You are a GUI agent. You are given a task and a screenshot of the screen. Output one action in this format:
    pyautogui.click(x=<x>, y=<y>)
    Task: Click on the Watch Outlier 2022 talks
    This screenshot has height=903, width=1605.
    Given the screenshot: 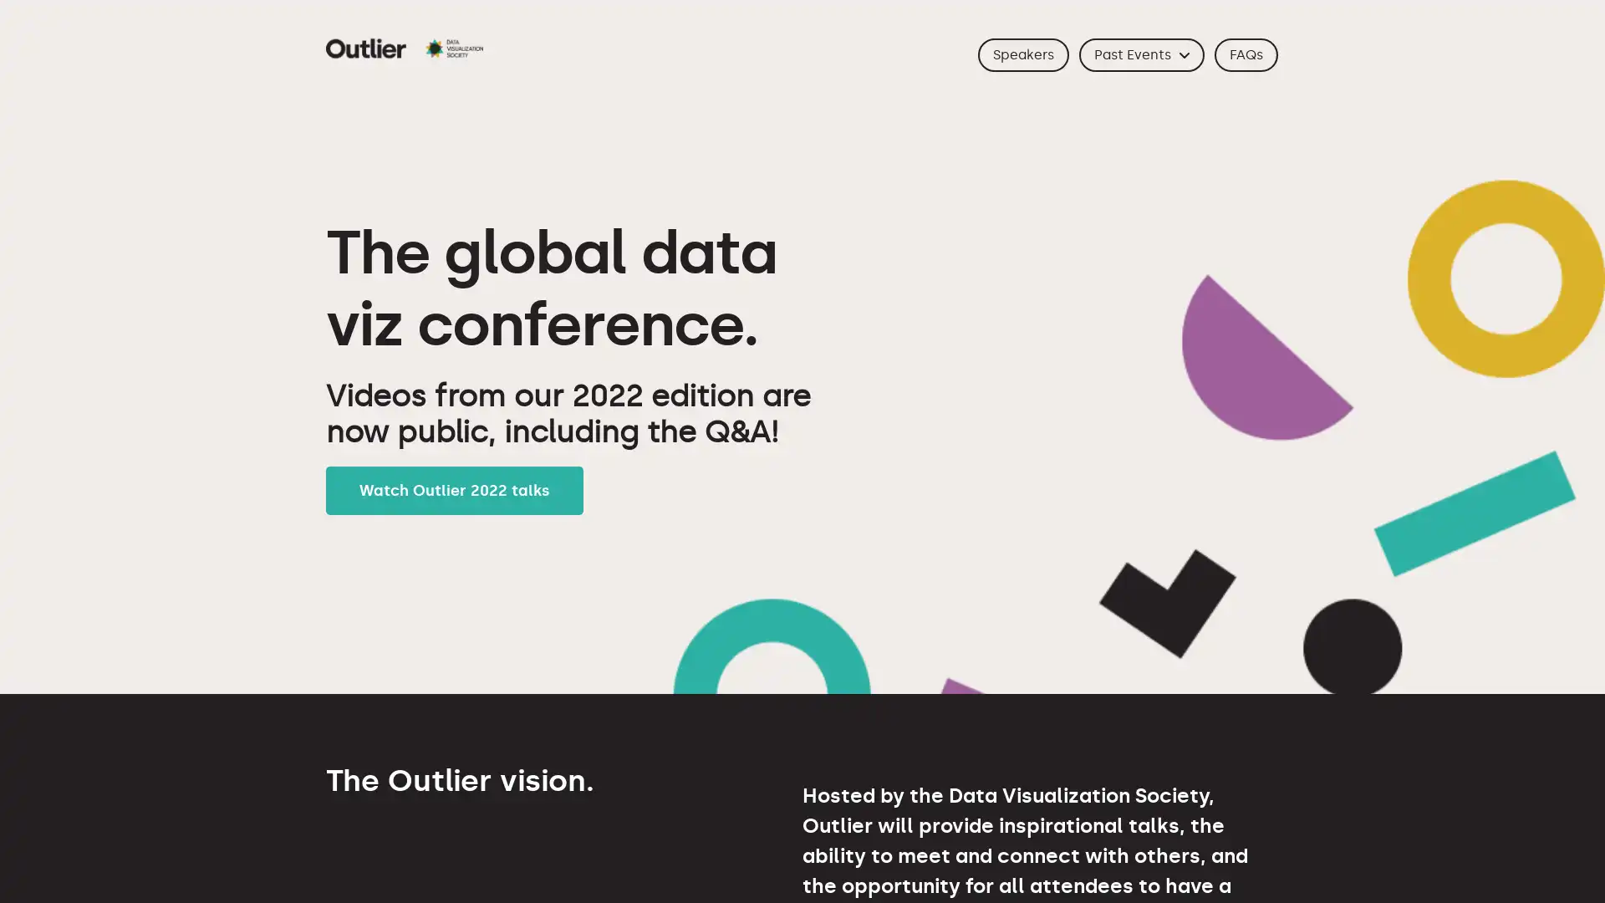 What is the action you would take?
    pyautogui.click(x=454, y=489)
    